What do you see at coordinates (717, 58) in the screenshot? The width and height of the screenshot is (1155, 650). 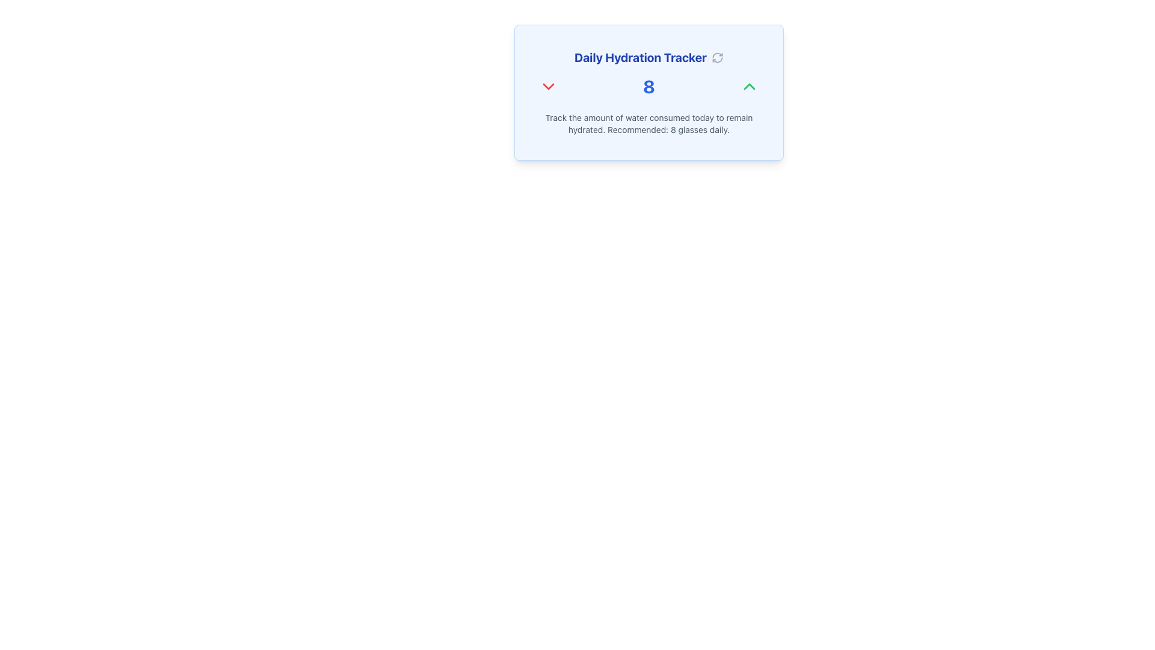 I see `the refresh icon located to the right of the 'Daily Hydration Tracker' text in the header section to reload the content` at bounding box center [717, 58].